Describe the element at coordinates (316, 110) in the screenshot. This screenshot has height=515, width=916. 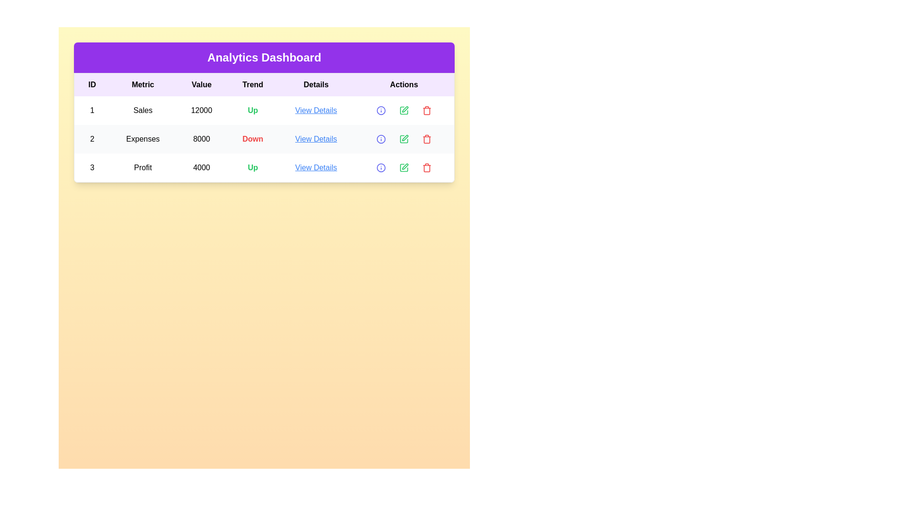
I see `the 'View Details' hyperlink, which is a blue underlined text link located in the first row under the 'Details' column of the table` at that location.